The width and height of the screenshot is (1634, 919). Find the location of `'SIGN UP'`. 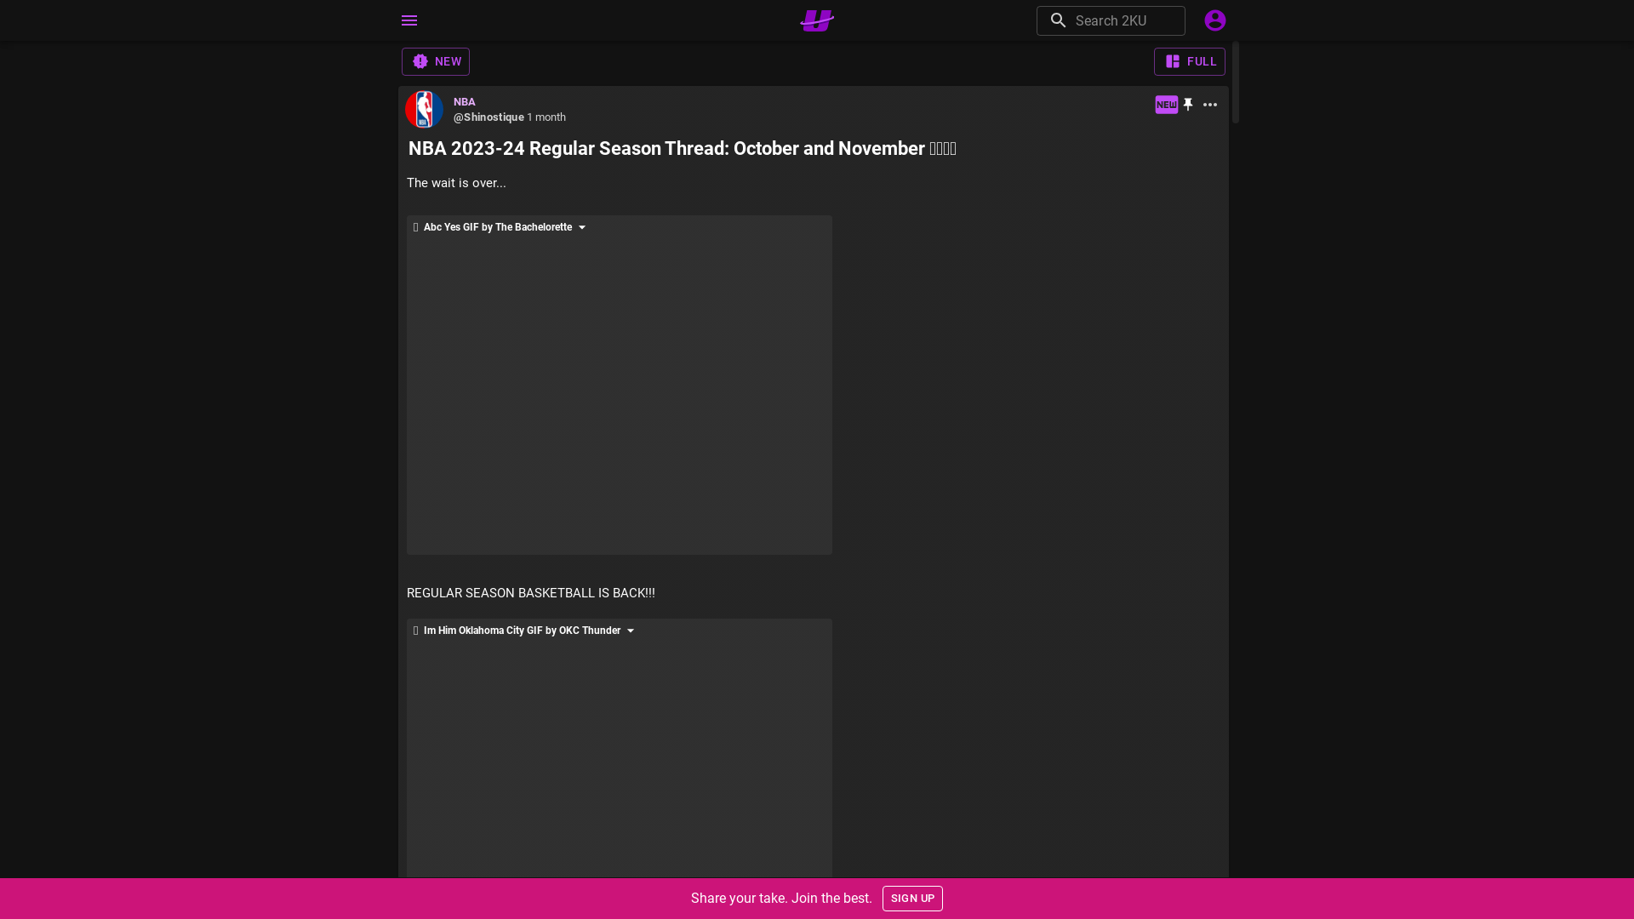

'SIGN UP' is located at coordinates (912, 898).